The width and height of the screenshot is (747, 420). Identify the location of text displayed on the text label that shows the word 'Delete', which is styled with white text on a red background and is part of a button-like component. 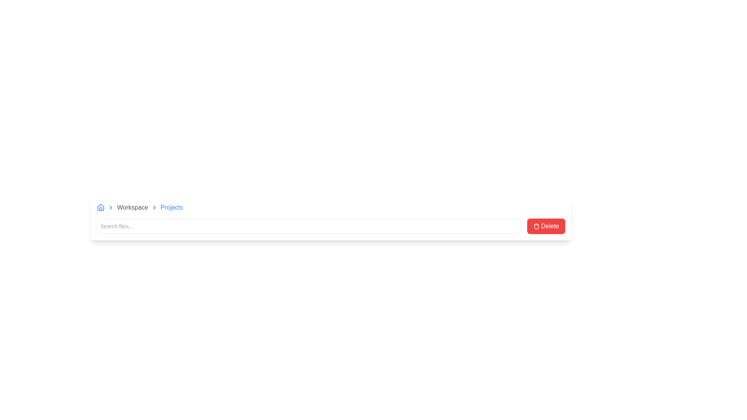
(549, 226).